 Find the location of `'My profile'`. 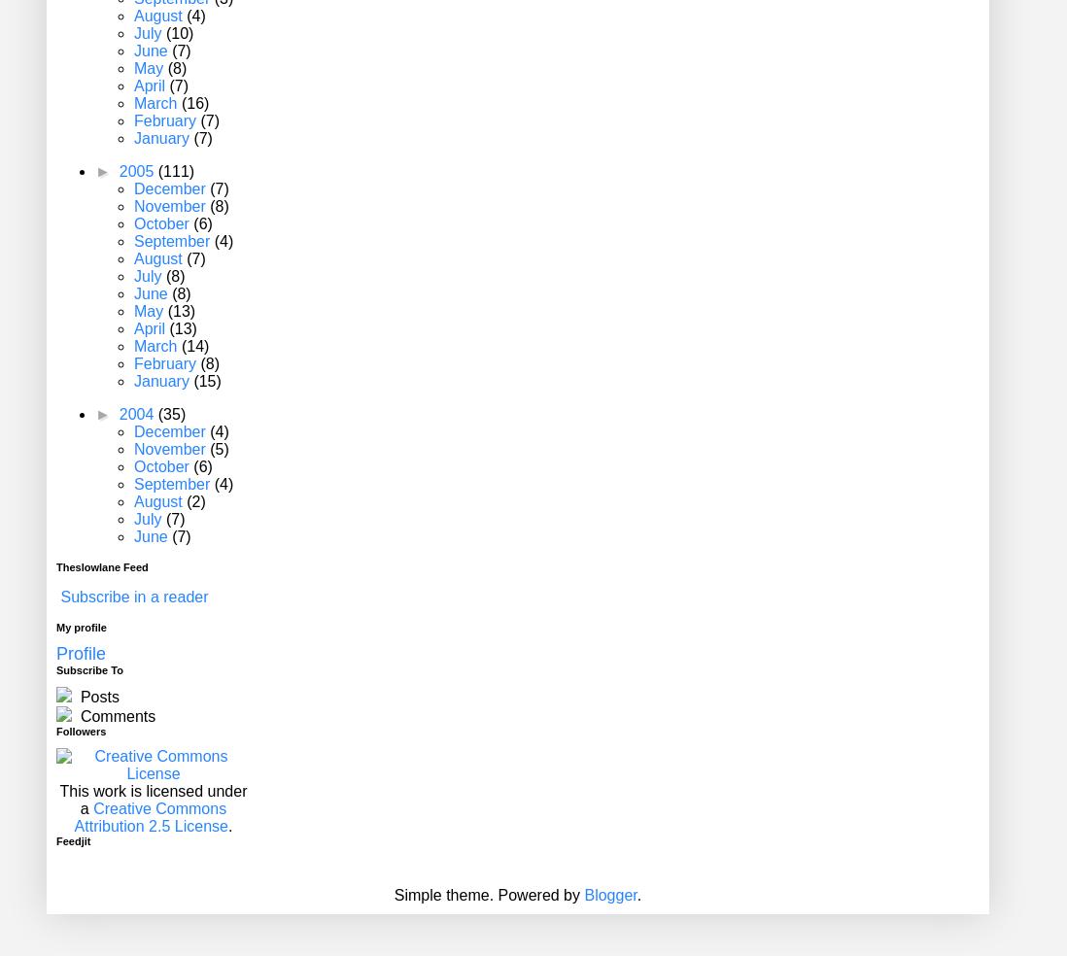

'My profile' is located at coordinates (54, 627).